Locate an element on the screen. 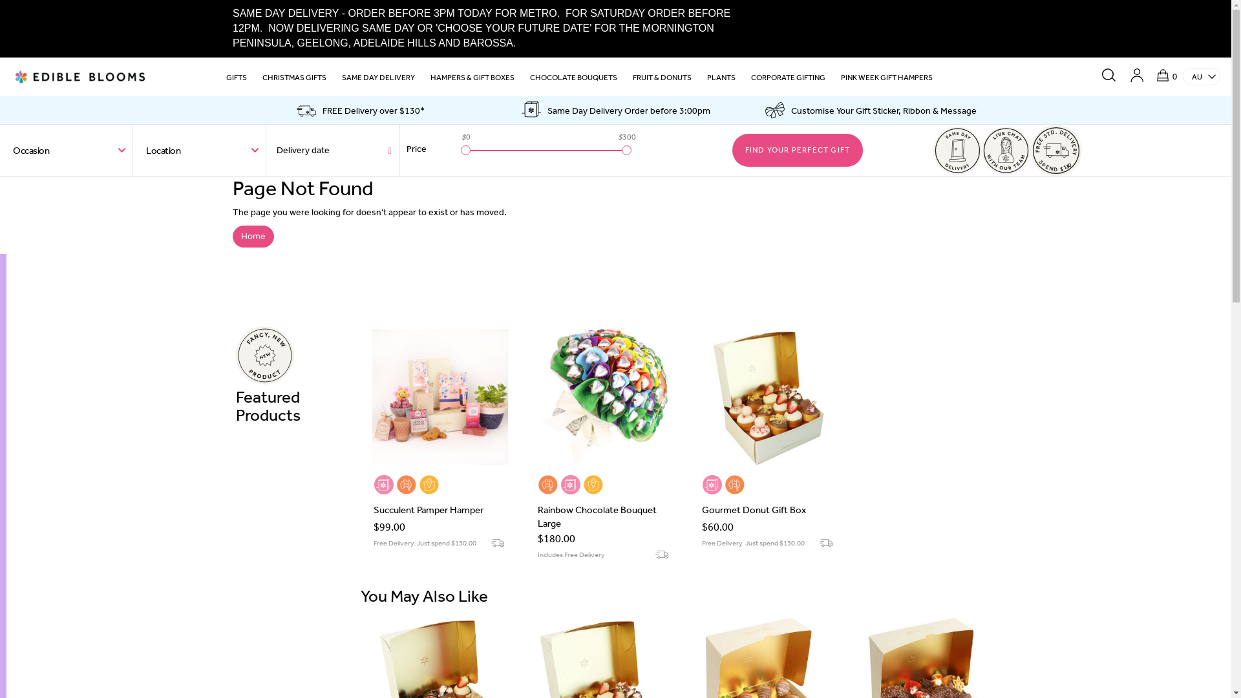  'Home' is located at coordinates (253, 237).